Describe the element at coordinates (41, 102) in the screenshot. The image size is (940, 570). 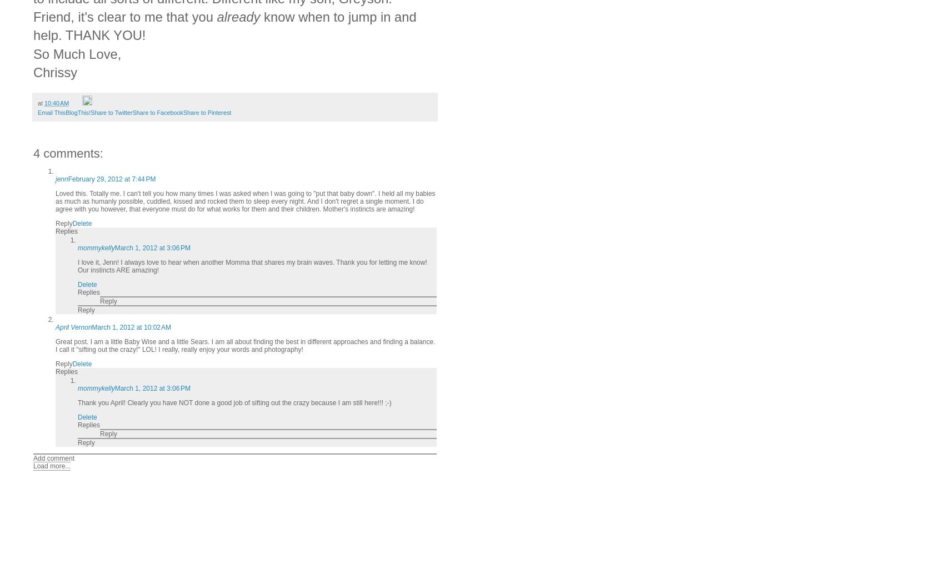
I see `'at'` at that location.